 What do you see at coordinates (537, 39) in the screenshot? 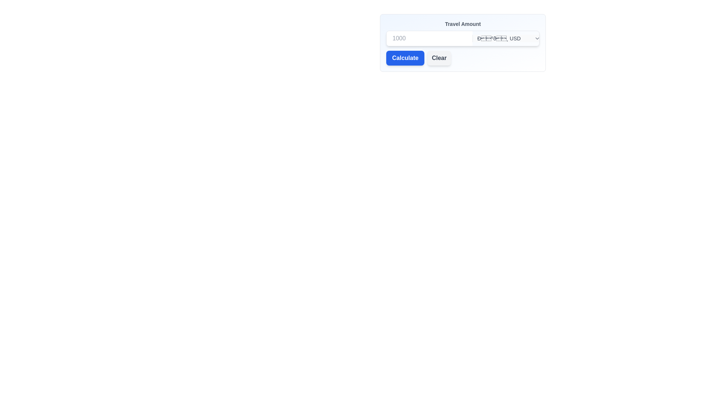
I see `the downward-pointing chevron icon with a gray stroke outline` at bounding box center [537, 39].